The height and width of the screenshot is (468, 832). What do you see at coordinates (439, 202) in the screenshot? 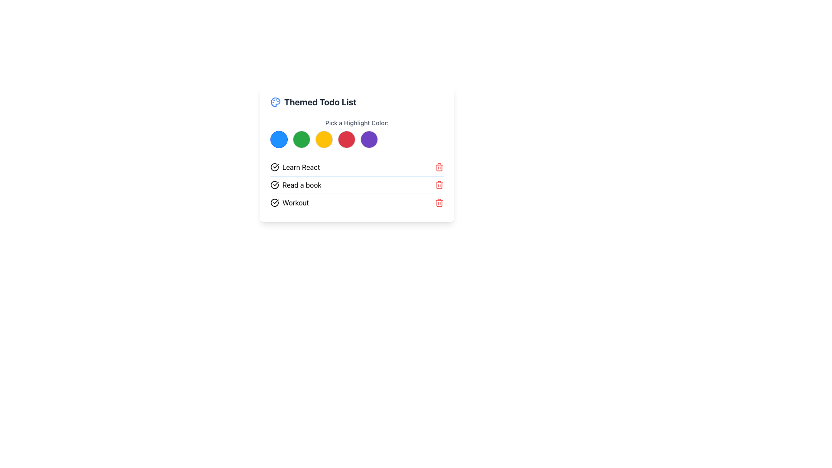
I see `the Trash can icon button located at the rightmost position in the list item labeled 'Workout'` at bounding box center [439, 202].